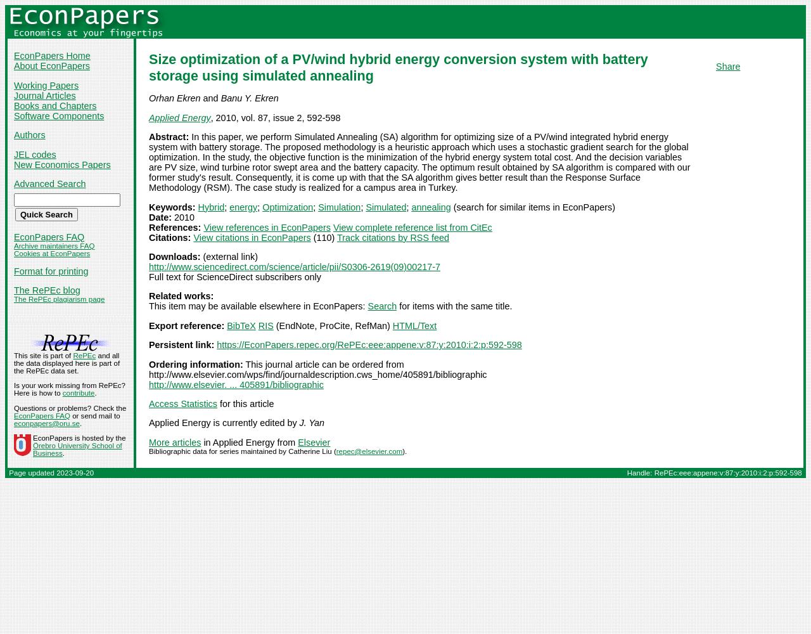 This screenshot has width=811, height=634. Describe the element at coordinates (61, 164) in the screenshot. I see `'New Economics Papers'` at that location.